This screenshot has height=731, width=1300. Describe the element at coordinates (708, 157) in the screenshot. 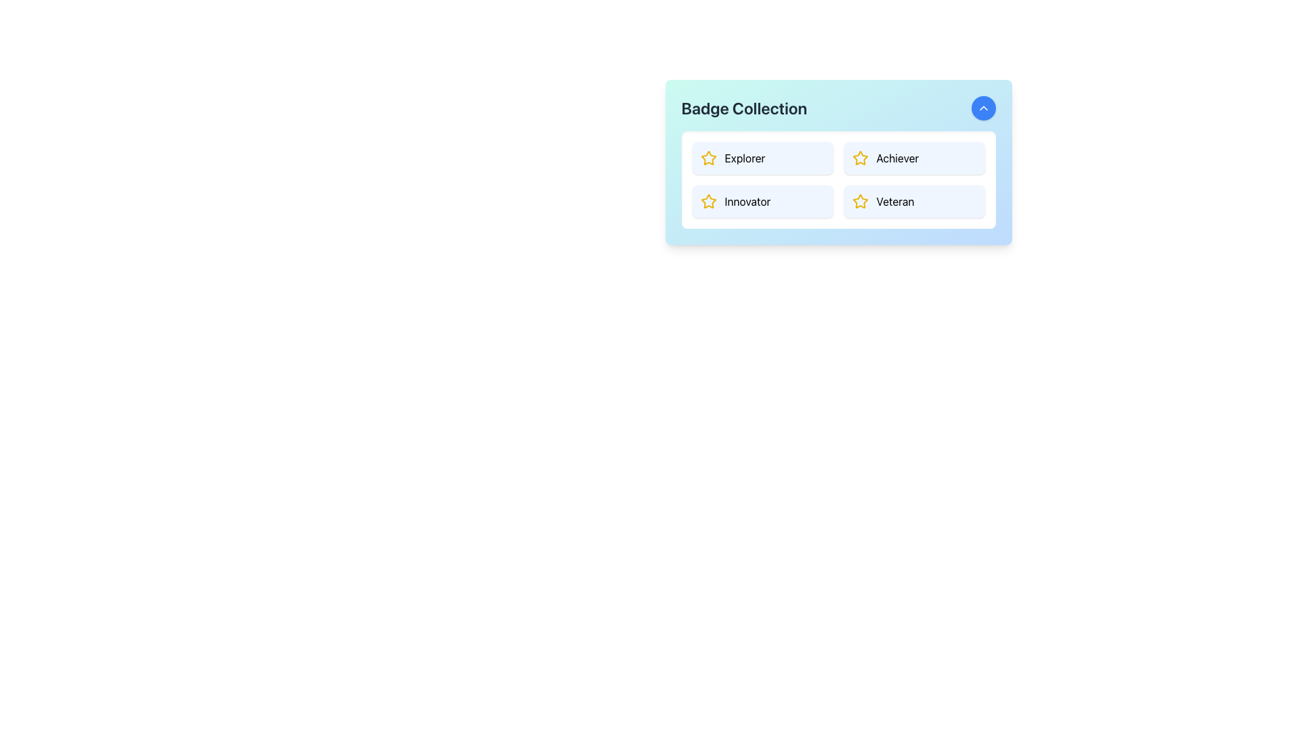

I see `the yellow star icon located in the top-left corner of the 2x2 grid layout under the 'Badge Collection' header, near the label reading 'Explorer'` at that location.